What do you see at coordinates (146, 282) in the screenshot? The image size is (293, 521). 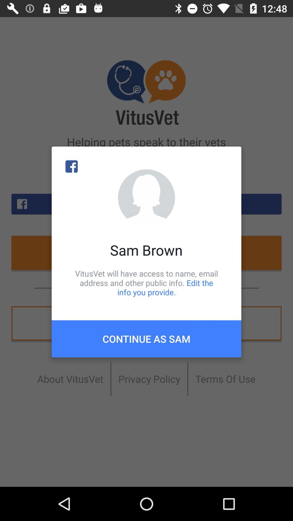 I see `the icon above continue as sam item` at bounding box center [146, 282].